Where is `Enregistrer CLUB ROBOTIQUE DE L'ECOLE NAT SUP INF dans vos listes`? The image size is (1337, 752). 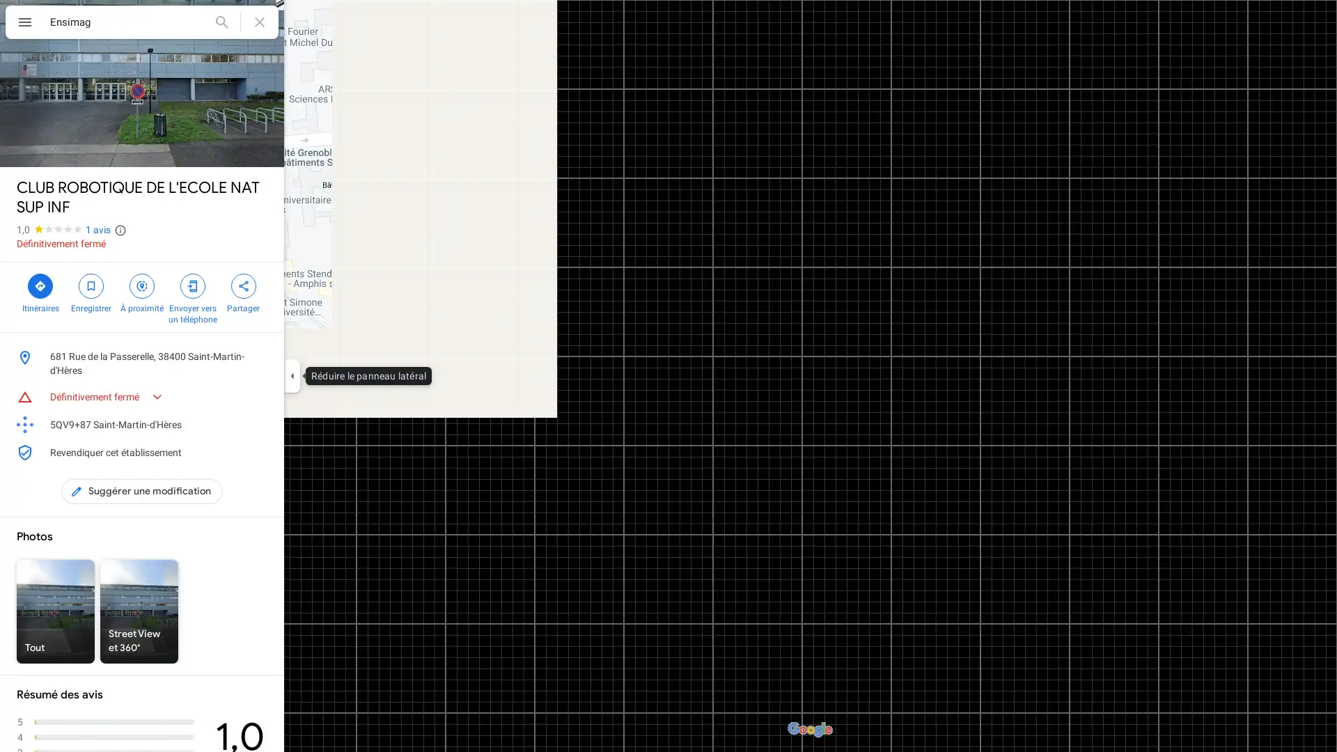
Enregistrer CLUB ROBOTIQUE DE L'ECOLE NAT SUP INF dans vos listes is located at coordinates (90, 291).